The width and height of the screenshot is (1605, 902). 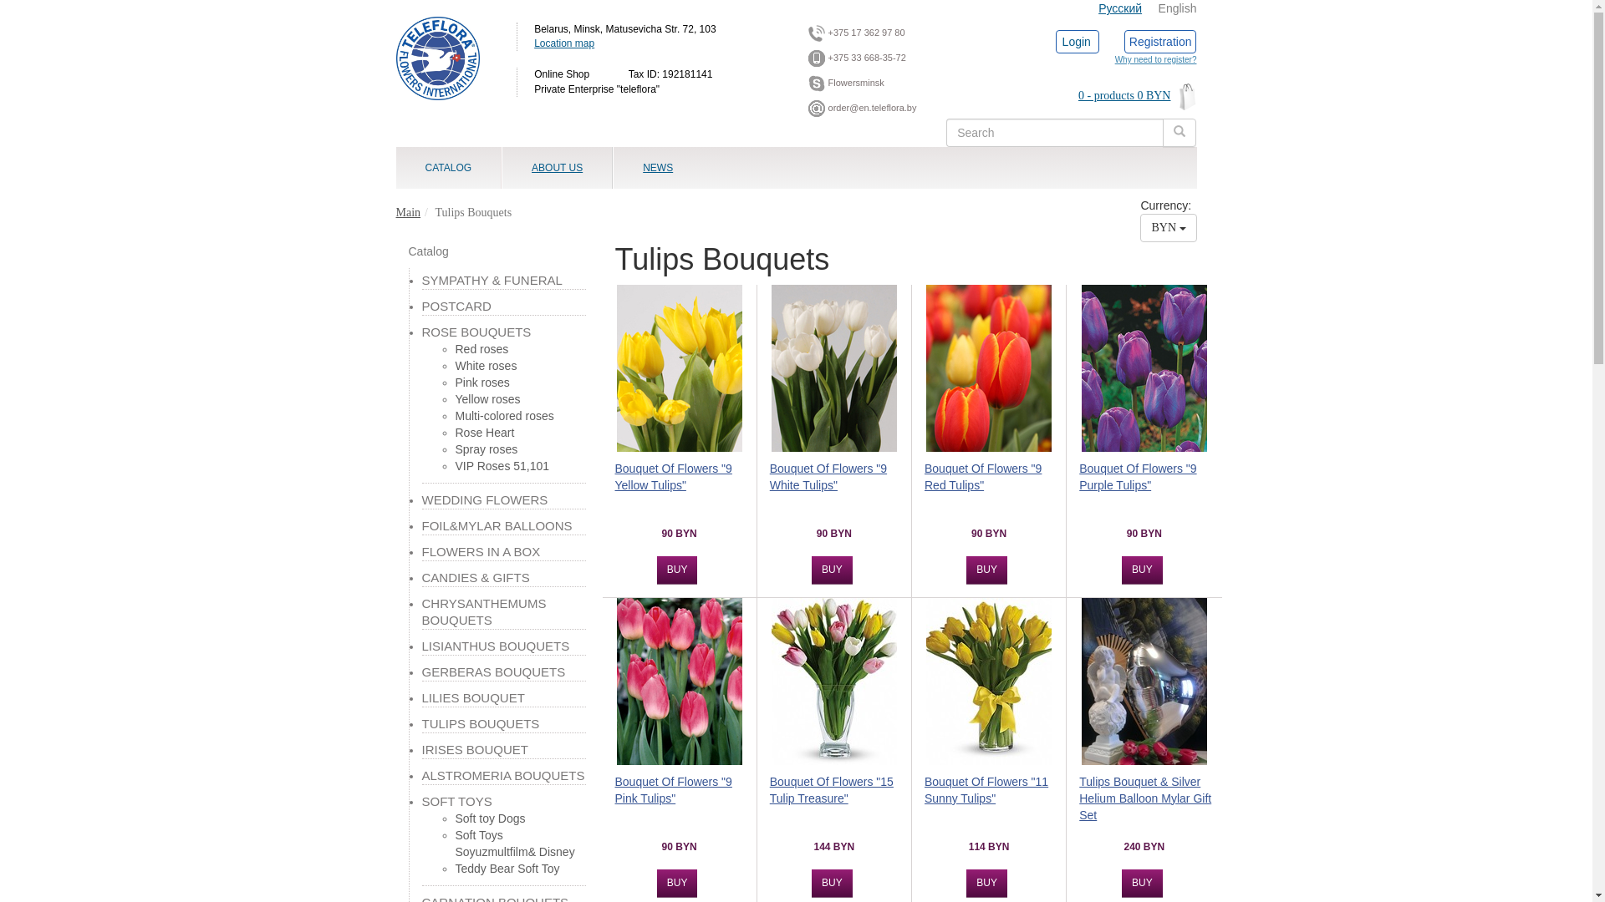 What do you see at coordinates (449, 167) in the screenshot?
I see `'CATALOG'` at bounding box center [449, 167].